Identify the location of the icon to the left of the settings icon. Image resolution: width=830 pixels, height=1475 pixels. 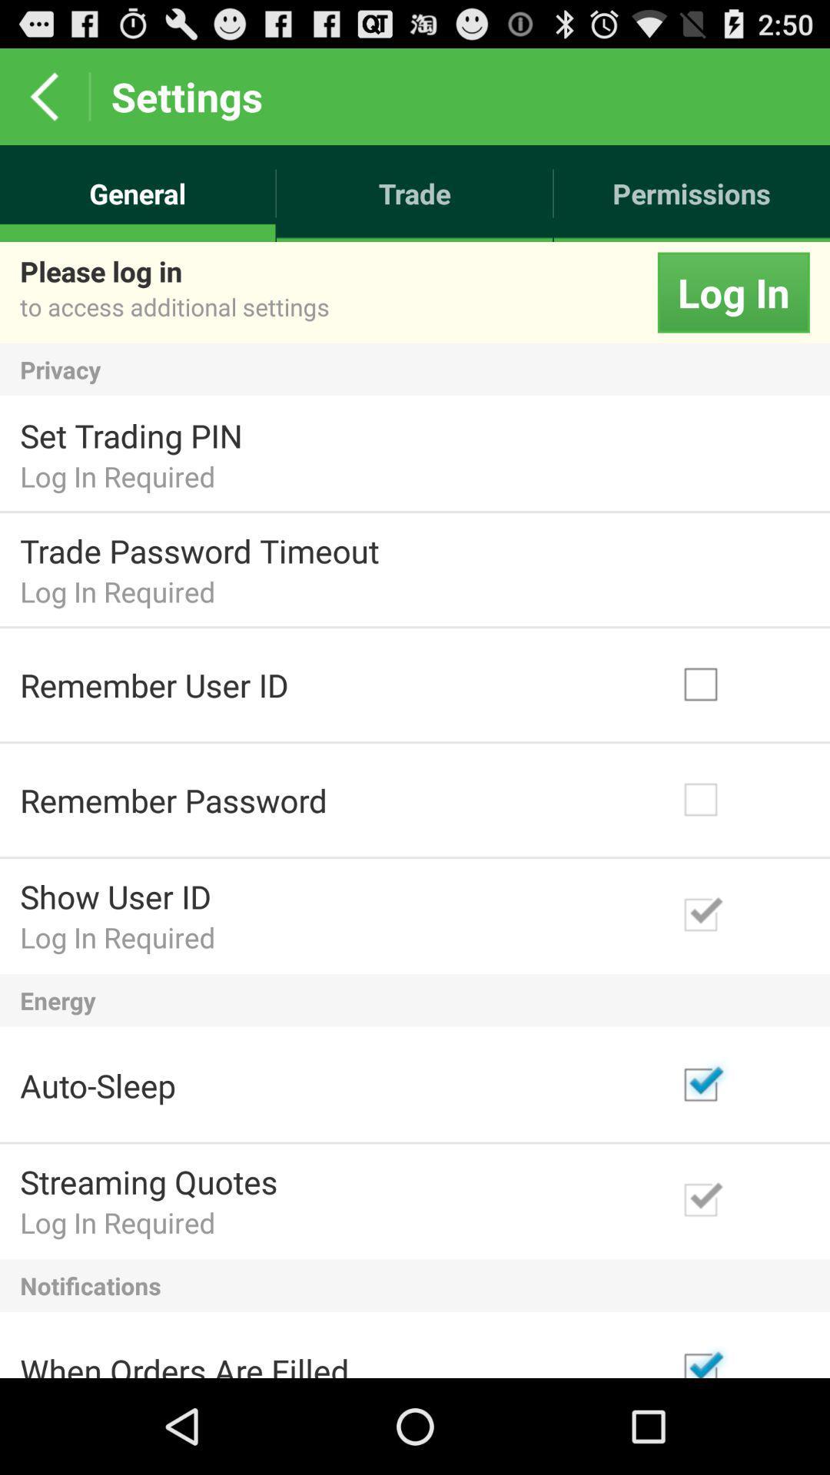
(43, 95).